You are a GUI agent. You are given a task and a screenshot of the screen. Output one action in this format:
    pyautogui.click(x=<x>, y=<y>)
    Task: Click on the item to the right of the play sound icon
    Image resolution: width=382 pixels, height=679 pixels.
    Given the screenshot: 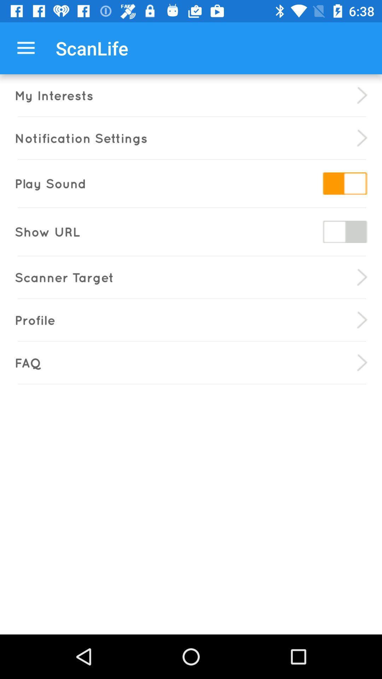 What is the action you would take?
    pyautogui.click(x=345, y=183)
    